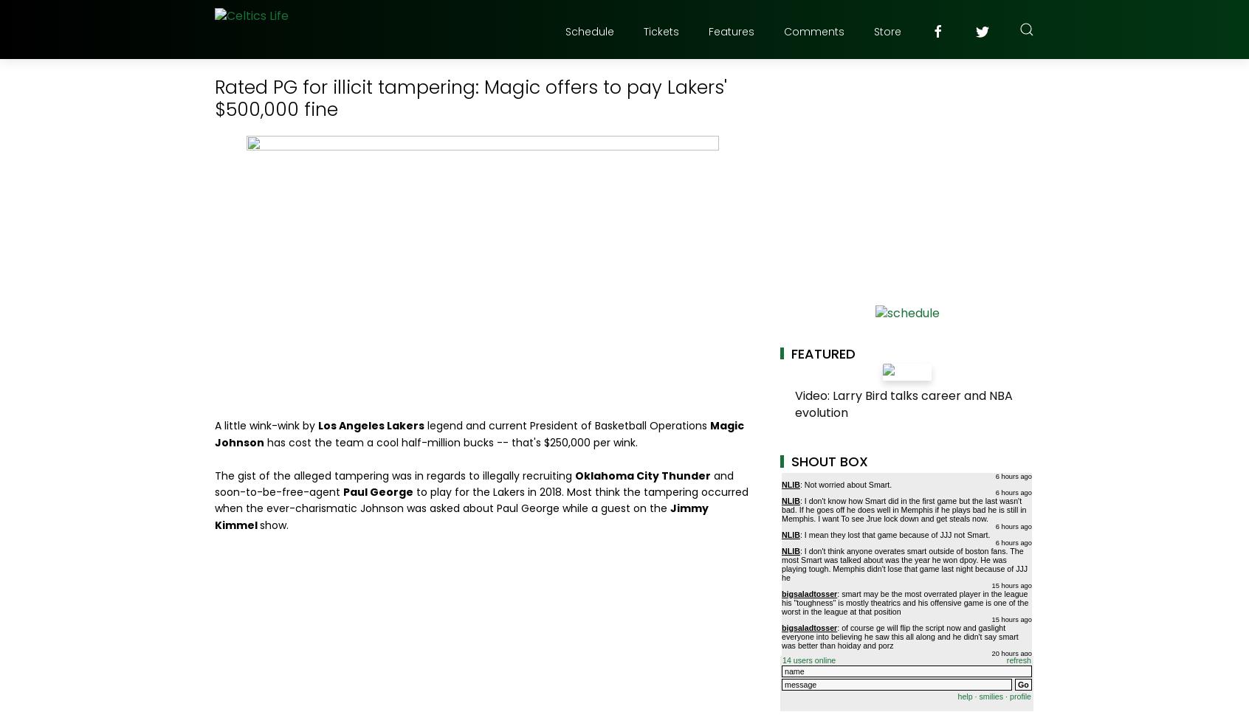 The width and height of the screenshot is (1249, 726). I want to click on 'Jimmy Kimmel', so click(461, 516).